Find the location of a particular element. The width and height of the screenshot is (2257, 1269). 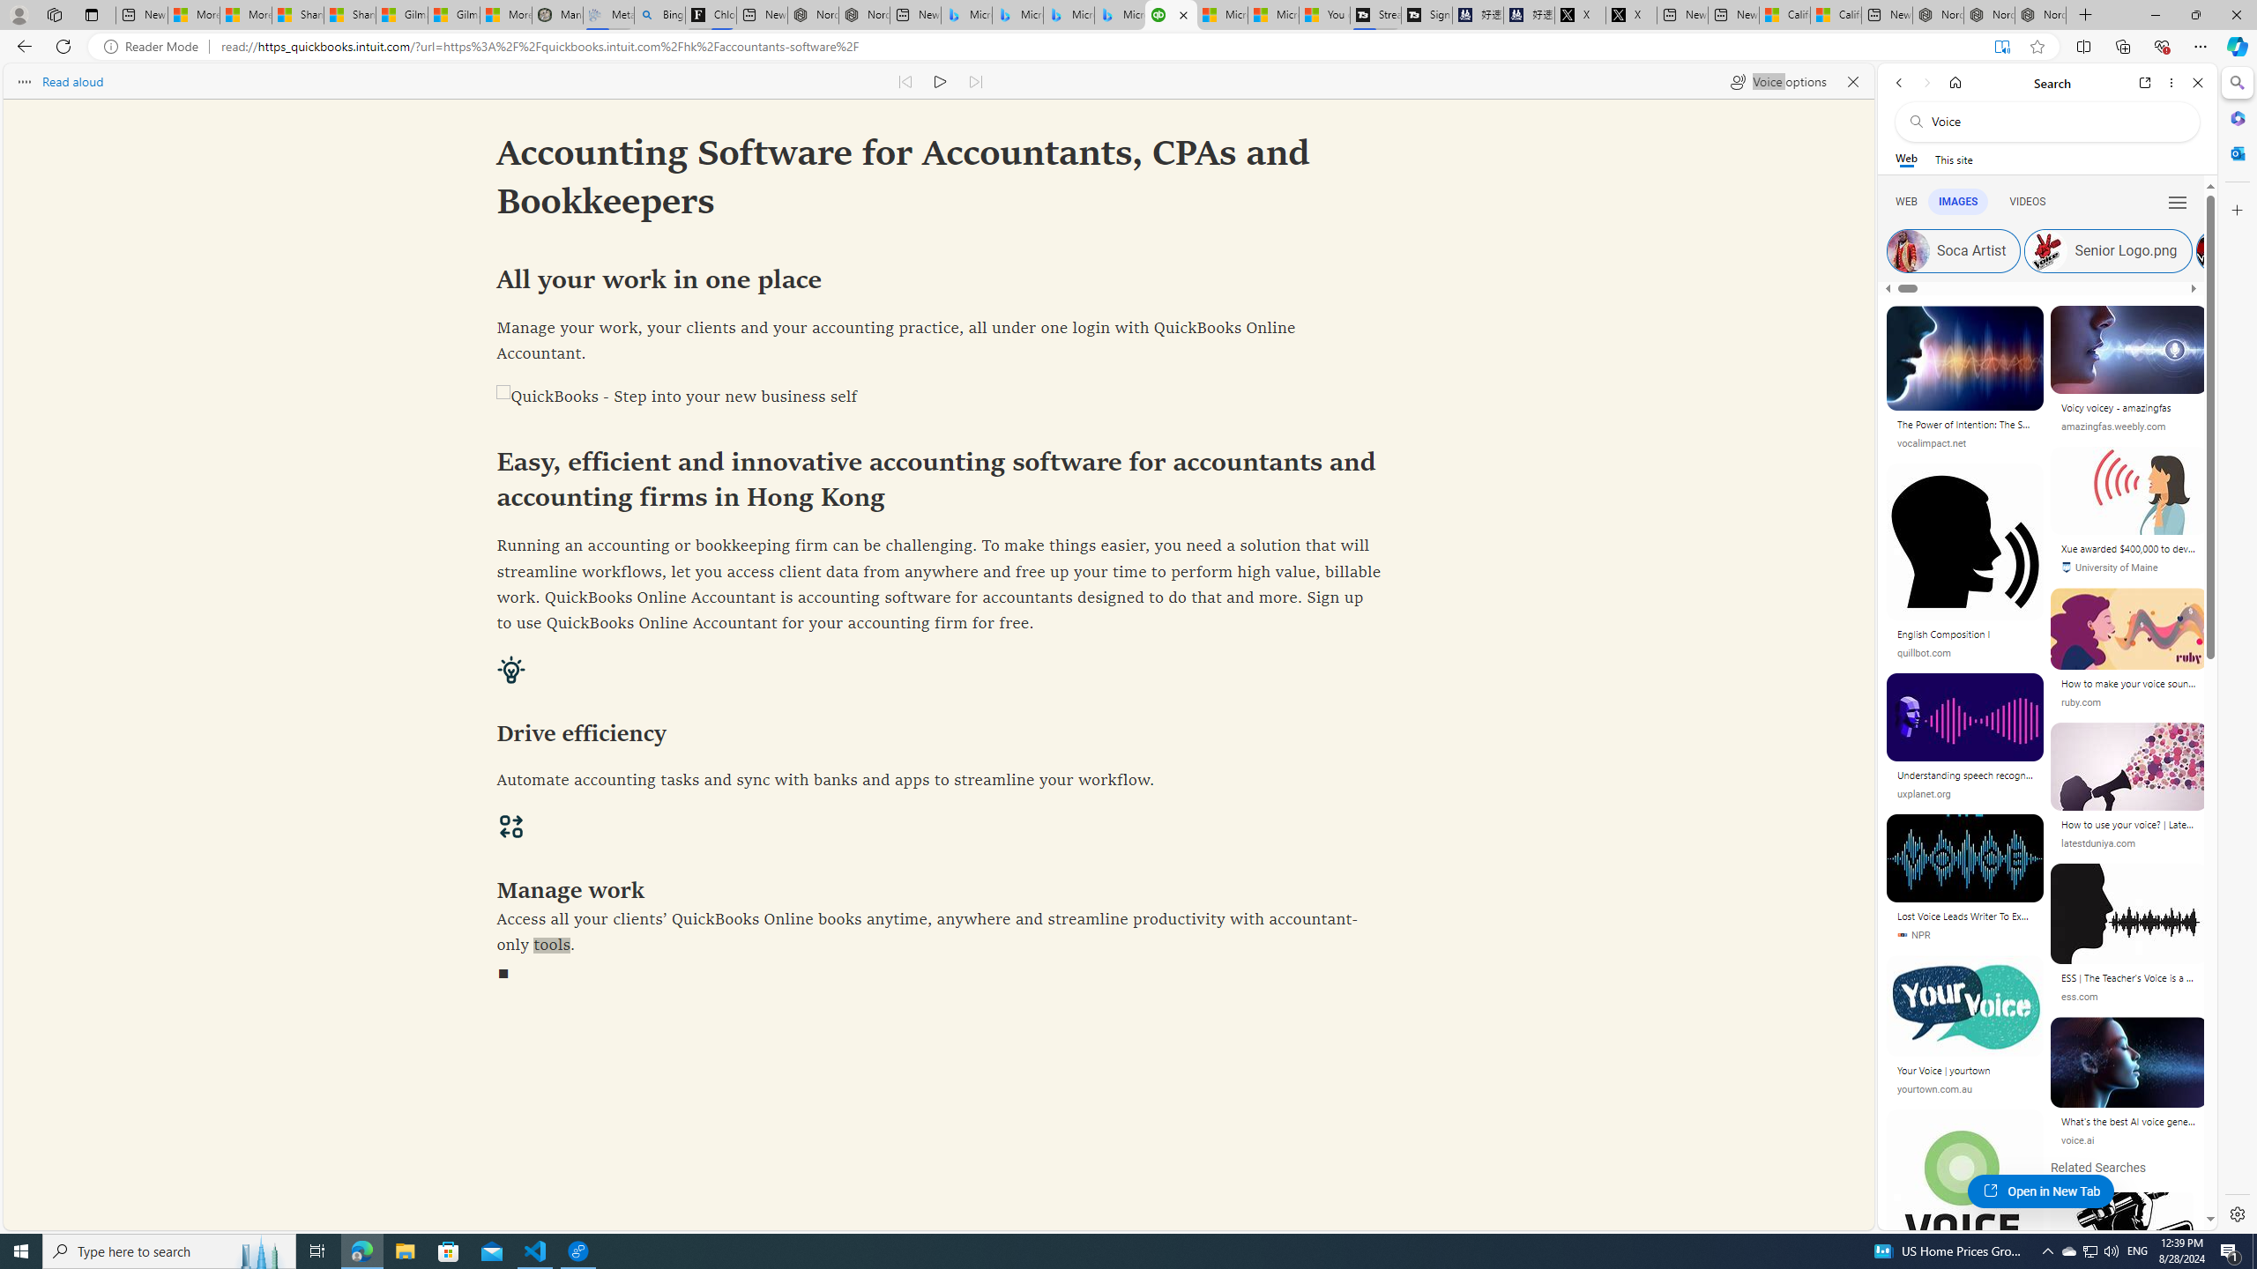

'latestduniya.com' is located at coordinates (2127, 842).